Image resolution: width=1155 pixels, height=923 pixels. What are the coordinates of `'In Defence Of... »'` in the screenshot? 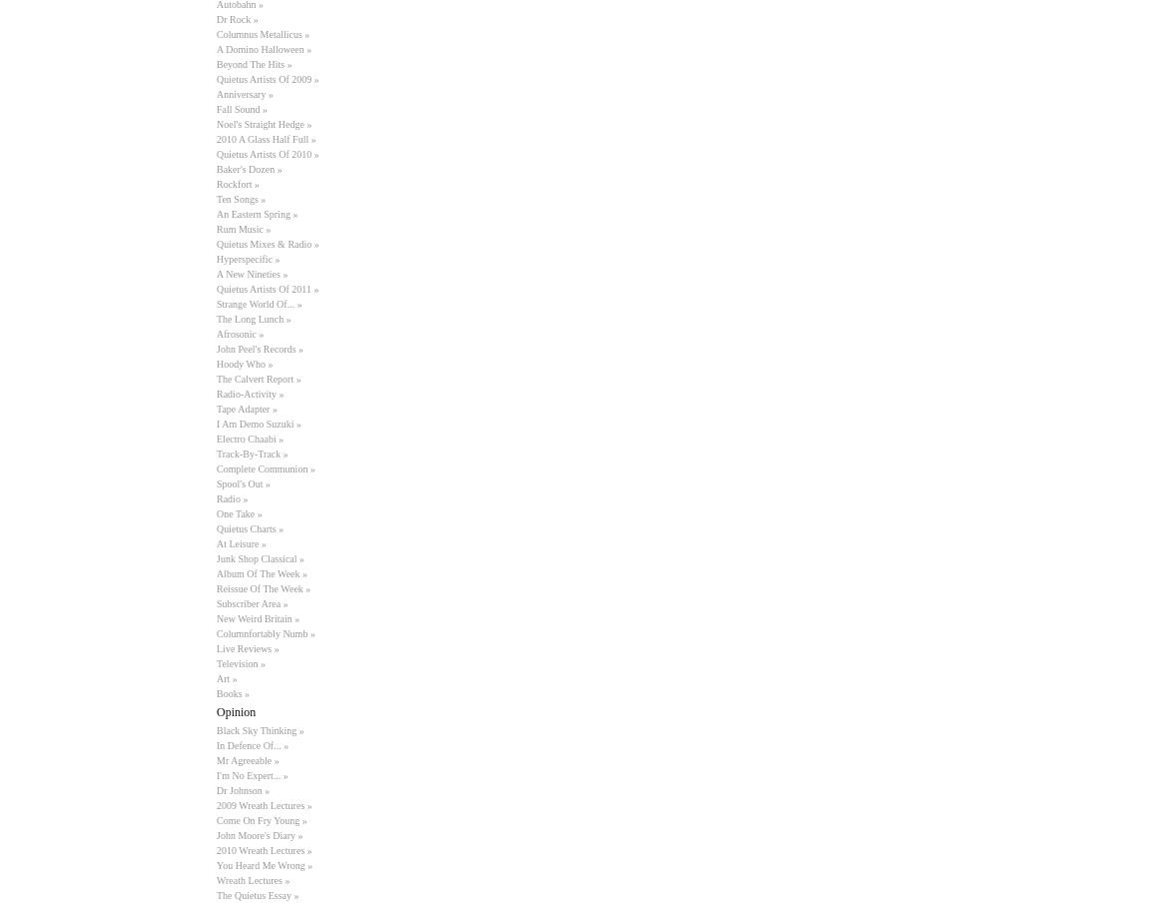 It's located at (253, 745).